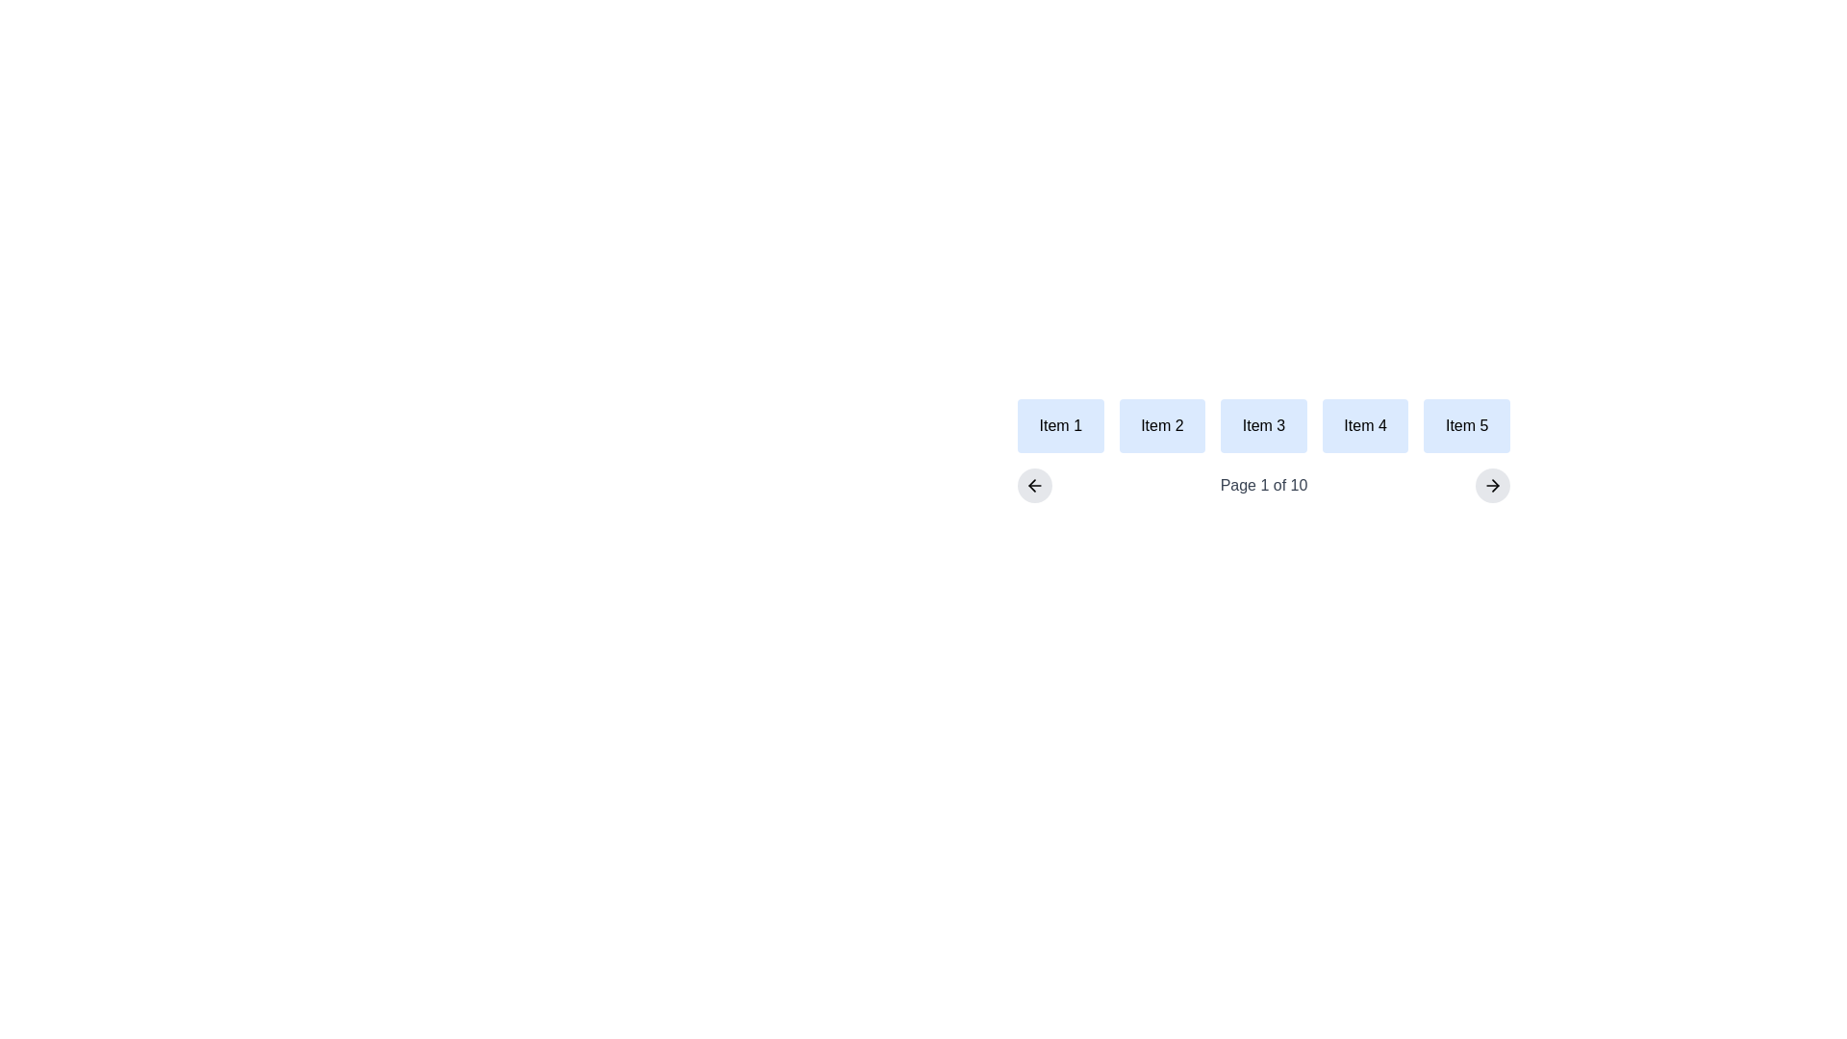 This screenshot has height=1039, width=1847. I want to click on an item in the pagination list, which is part of a horizontal layout displaying 'Item 1' through 'Item 5' with a light blue background, so click(1264, 451).